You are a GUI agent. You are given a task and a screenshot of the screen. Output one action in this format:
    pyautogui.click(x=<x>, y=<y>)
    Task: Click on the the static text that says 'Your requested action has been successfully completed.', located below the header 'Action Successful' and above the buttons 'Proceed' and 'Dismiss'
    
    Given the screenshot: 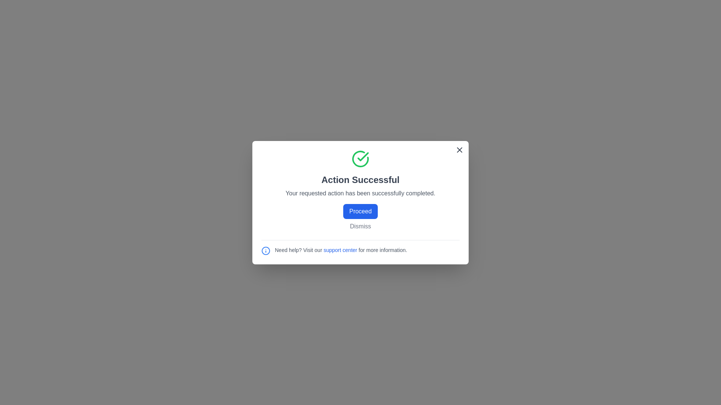 What is the action you would take?
    pyautogui.click(x=360, y=193)
    